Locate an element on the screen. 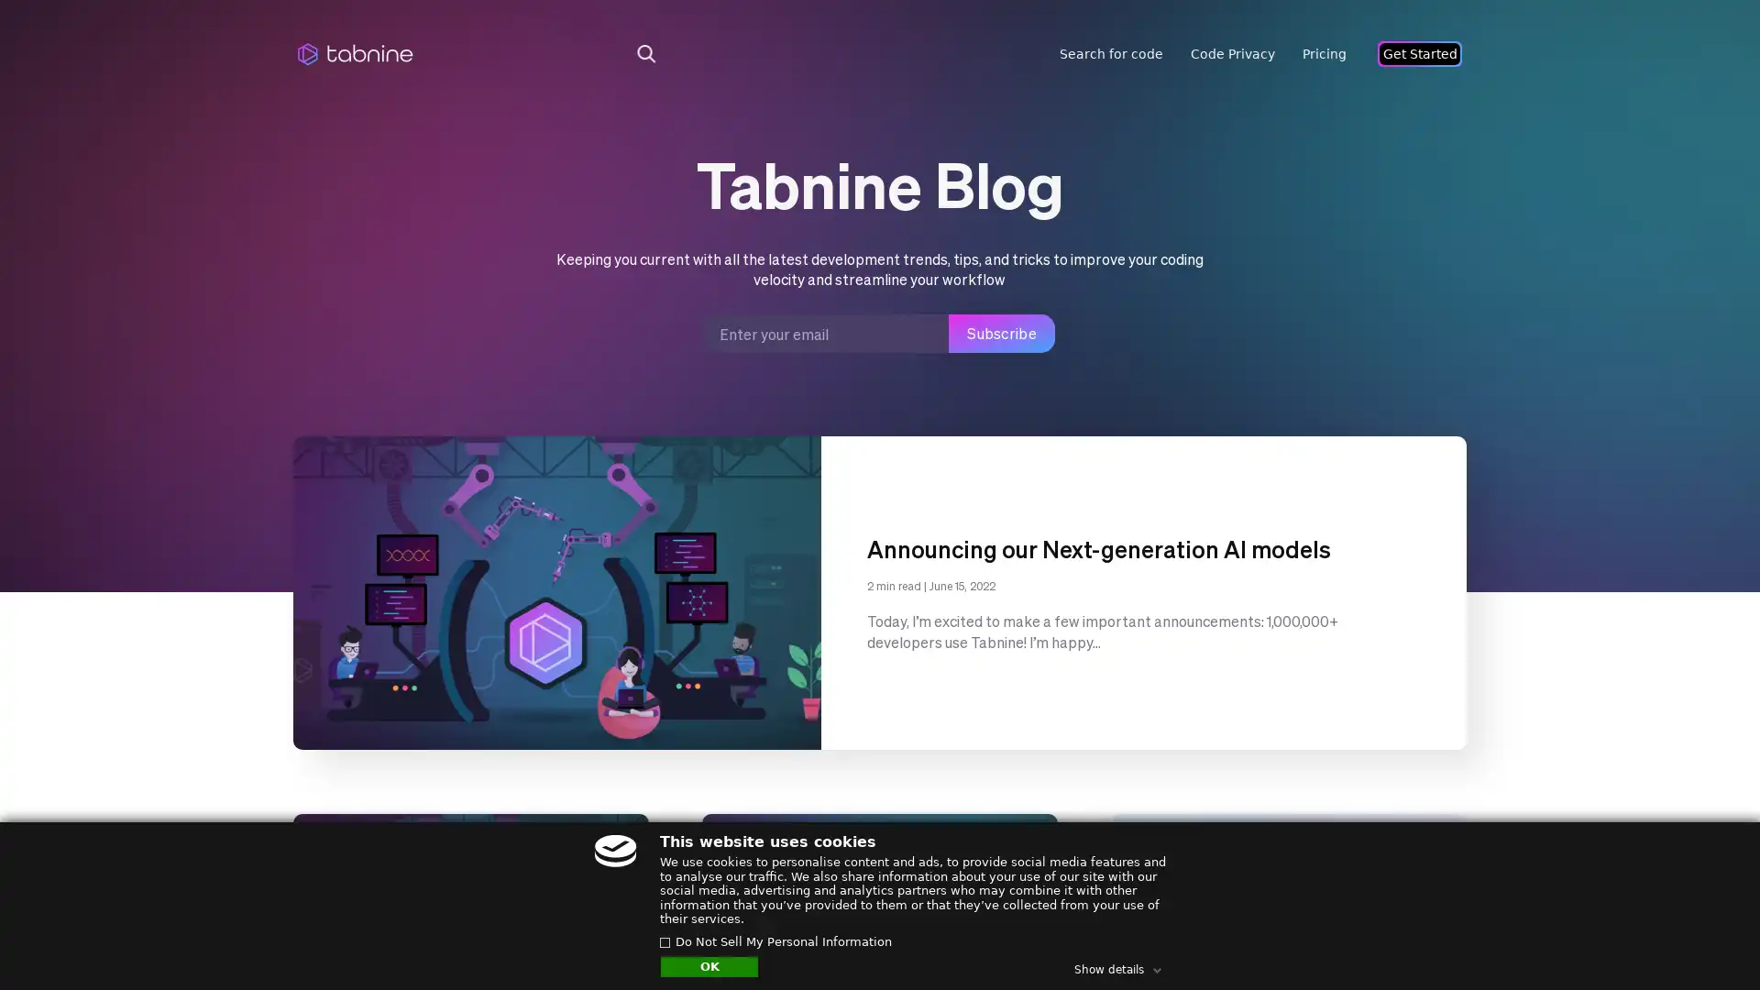 Image resolution: width=1760 pixels, height=990 pixels. Open is located at coordinates (1705, 940).